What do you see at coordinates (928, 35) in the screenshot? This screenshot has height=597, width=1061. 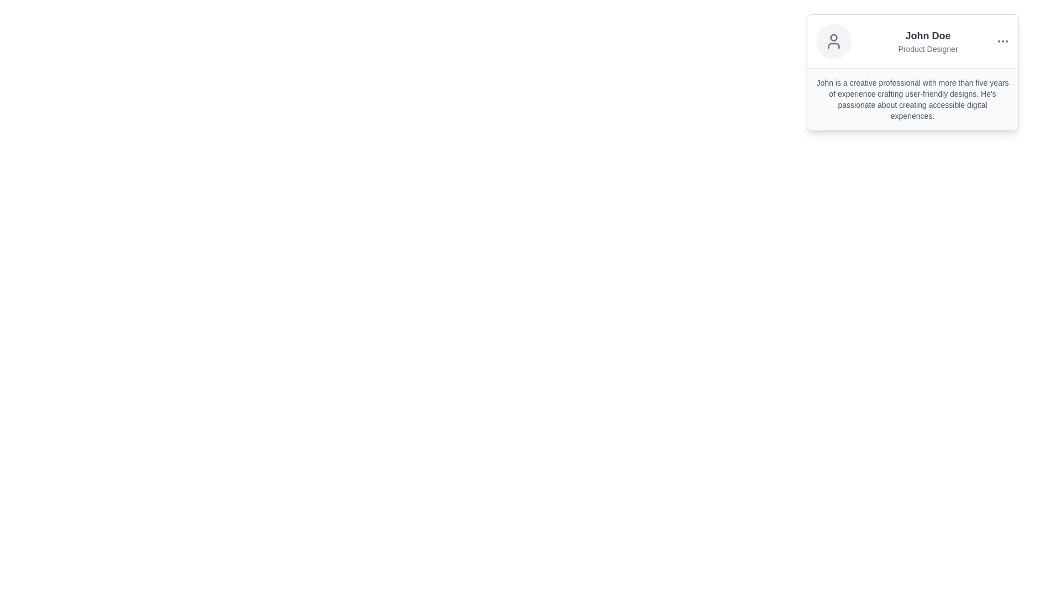 I see `the text label displaying 'John Doe', which is styled in bold and large gray font, located at the top left of the profile card for potential interaction` at bounding box center [928, 35].